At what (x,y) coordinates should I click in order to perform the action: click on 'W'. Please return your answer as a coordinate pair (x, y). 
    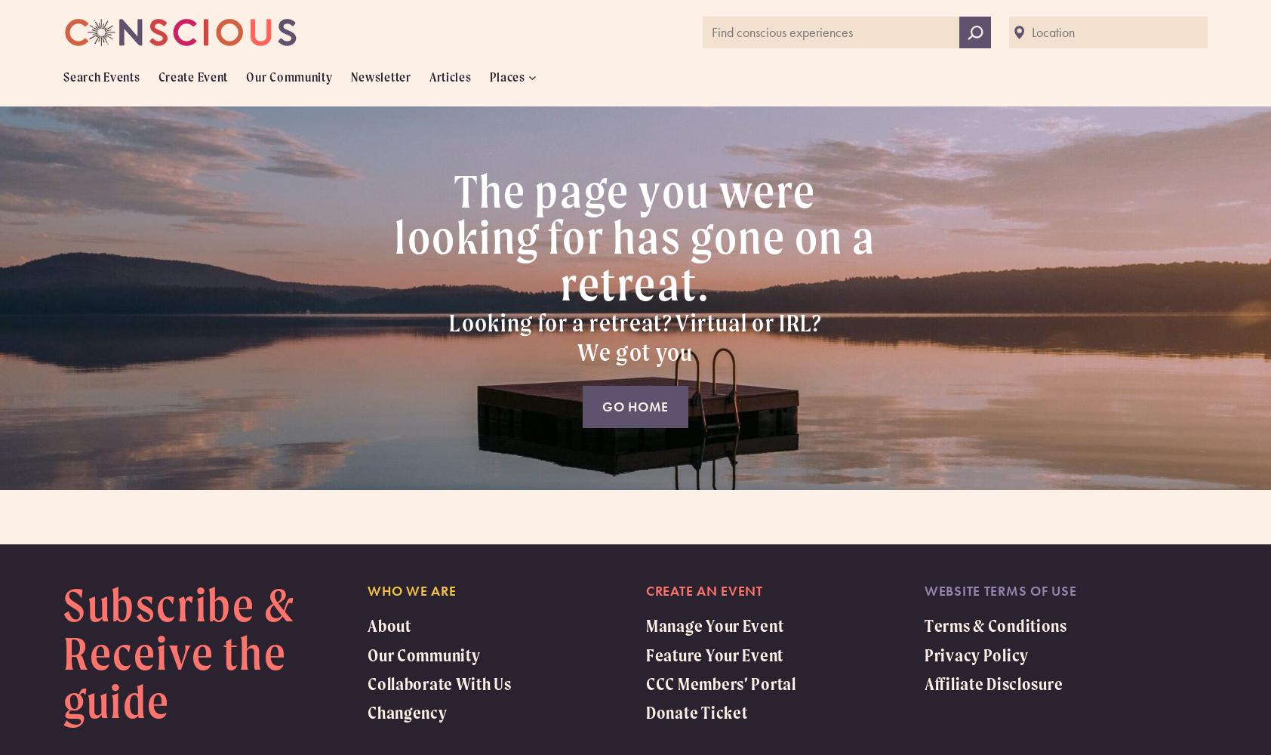
    Looking at the image, I should click on (588, 351).